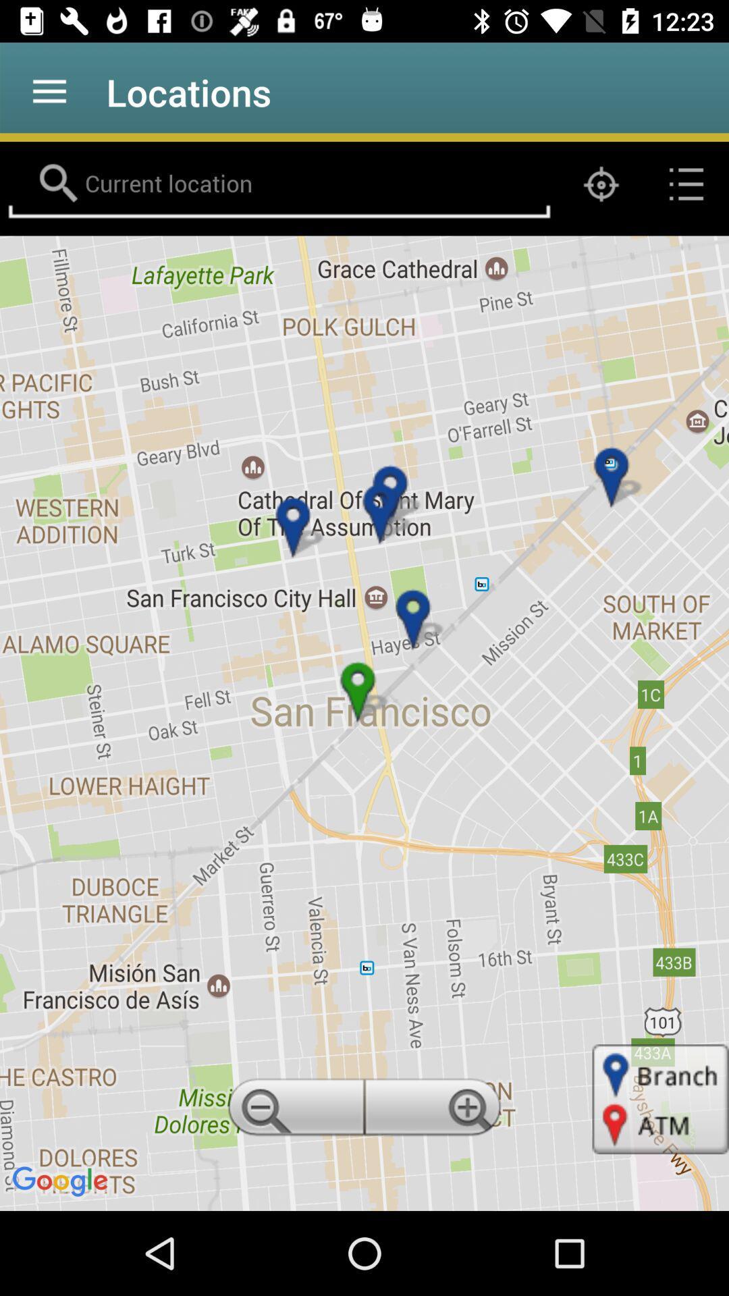 This screenshot has height=1296, width=729. I want to click on location, so click(278, 184).